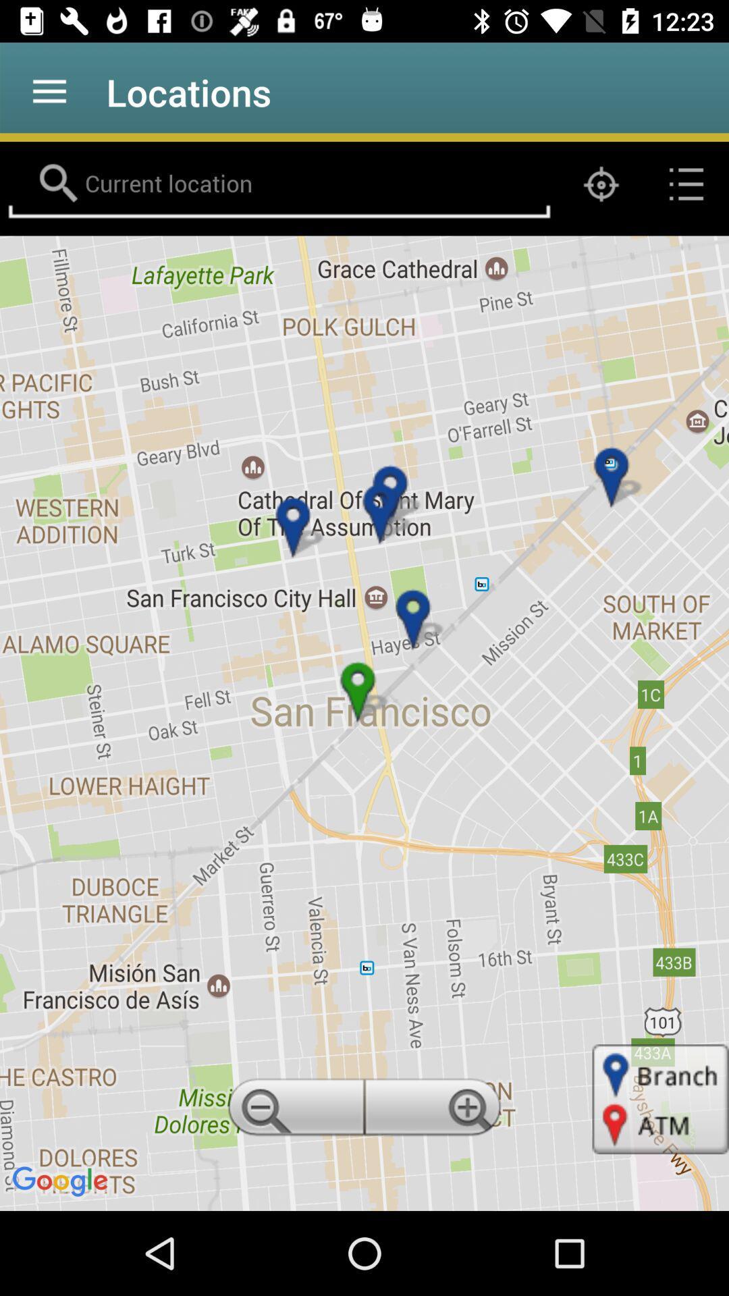 This screenshot has height=1296, width=729. I want to click on location, so click(278, 184).